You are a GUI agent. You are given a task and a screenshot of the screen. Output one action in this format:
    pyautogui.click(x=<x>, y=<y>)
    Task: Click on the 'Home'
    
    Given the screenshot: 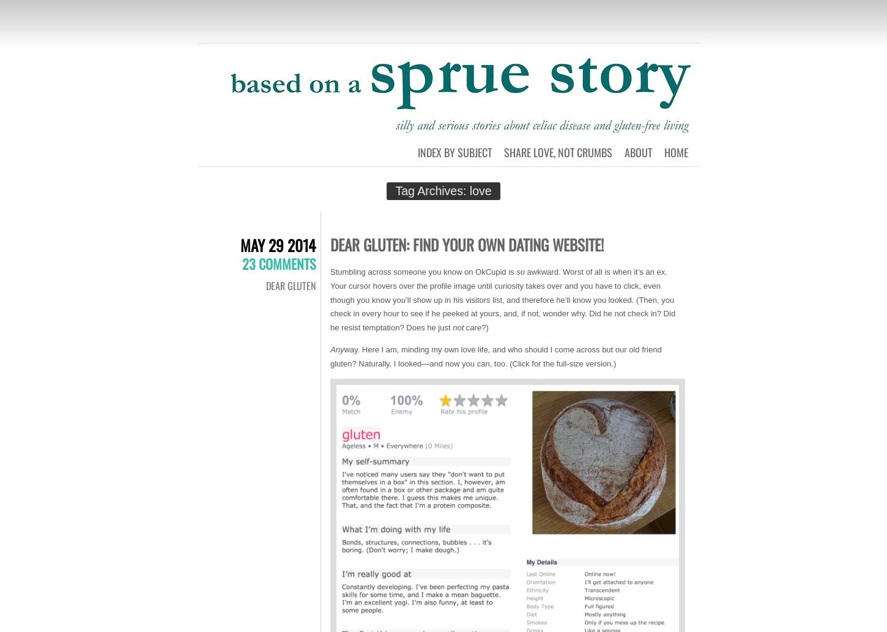 What is the action you would take?
    pyautogui.click(x=675, y=151)
    